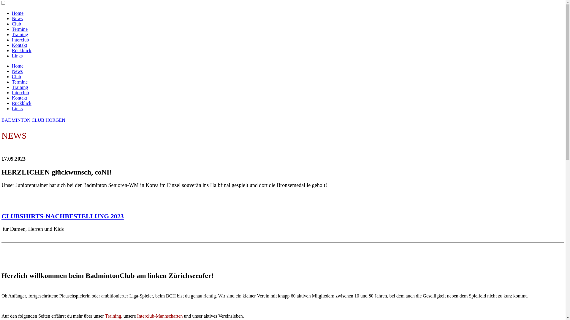 The image size is (570, 320). Describe the element at coordinates (17, 56) in the screenshot. I see `'Links'` at that location.